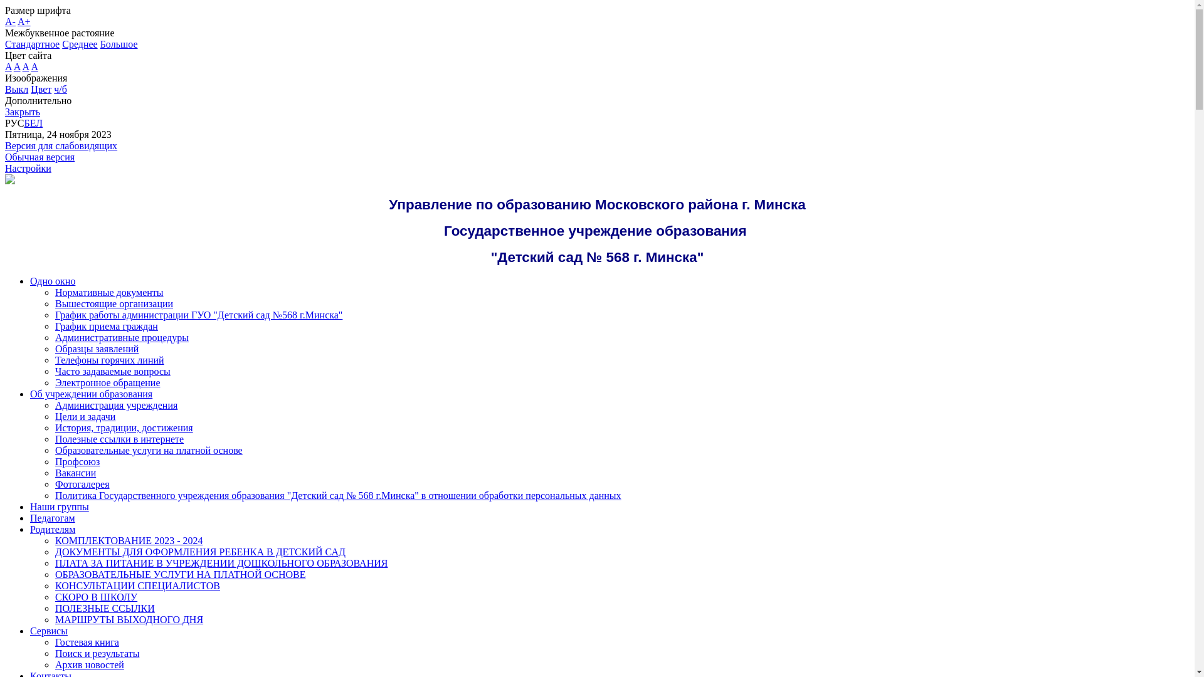  Describe the element at coordinates (8, 66) in the screenshot. I see `'A'` at that location.